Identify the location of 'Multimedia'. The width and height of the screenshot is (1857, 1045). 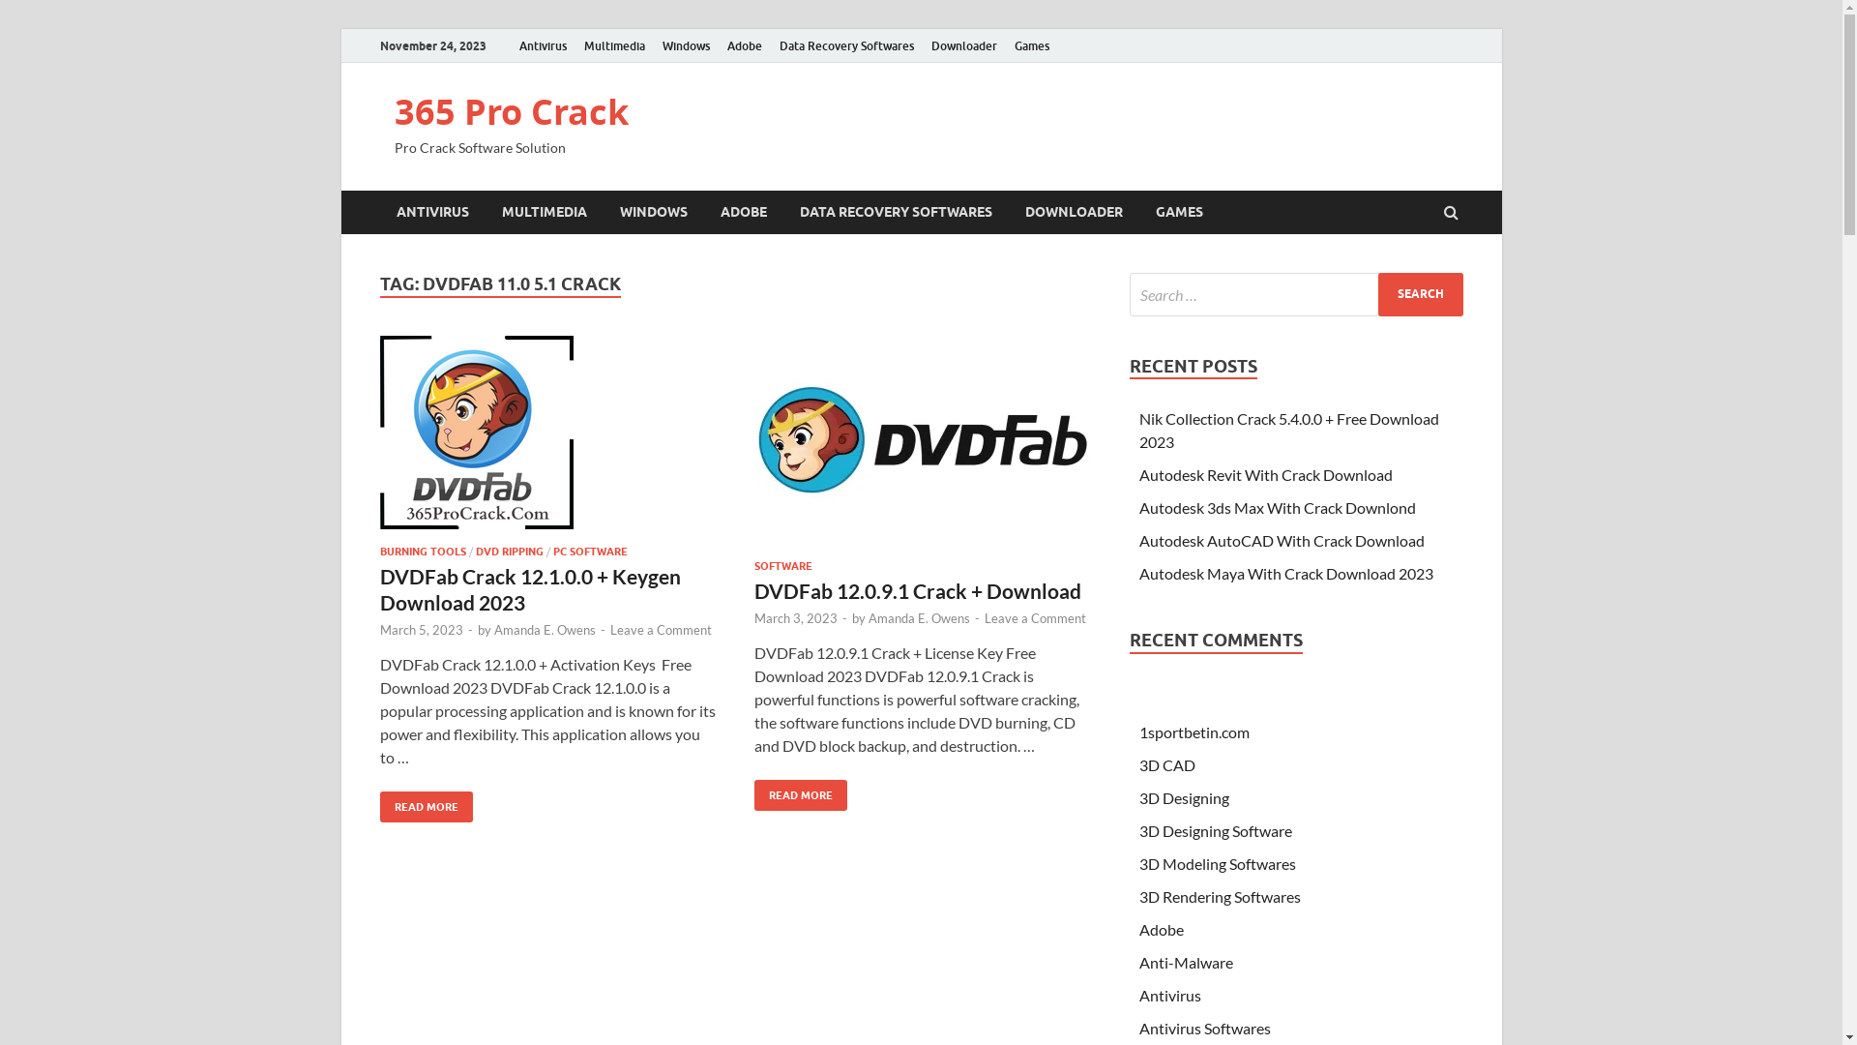
(612, 45).